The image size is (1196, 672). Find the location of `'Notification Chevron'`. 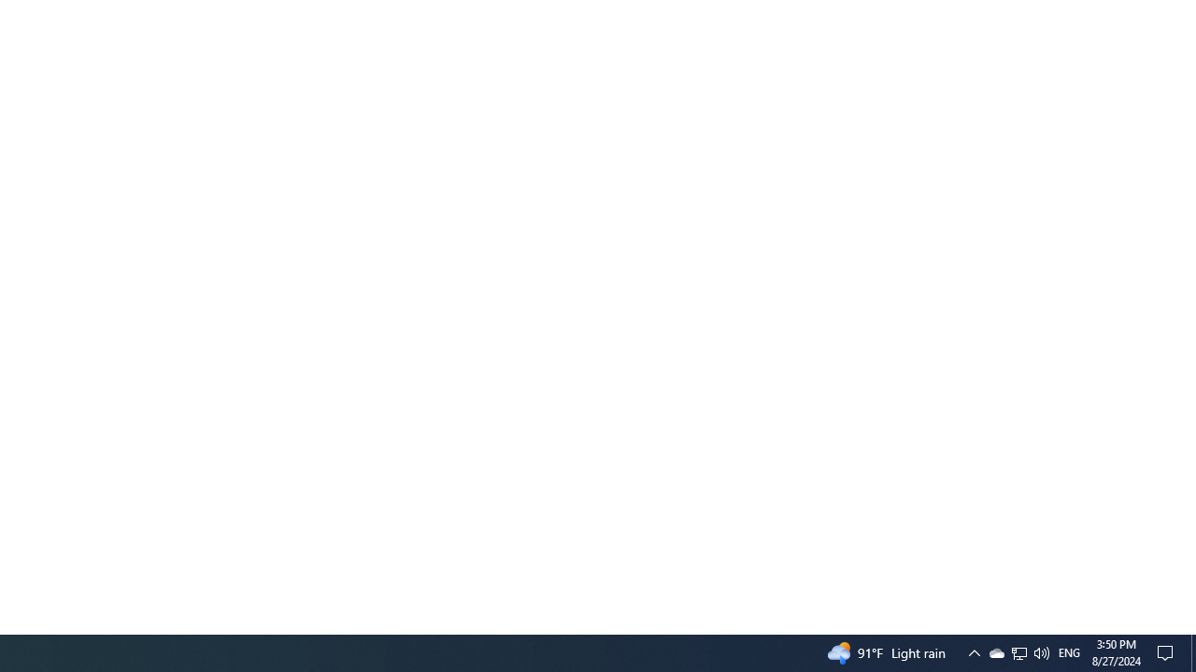

'Notification Chevron' is located at coordinates (995, 651).